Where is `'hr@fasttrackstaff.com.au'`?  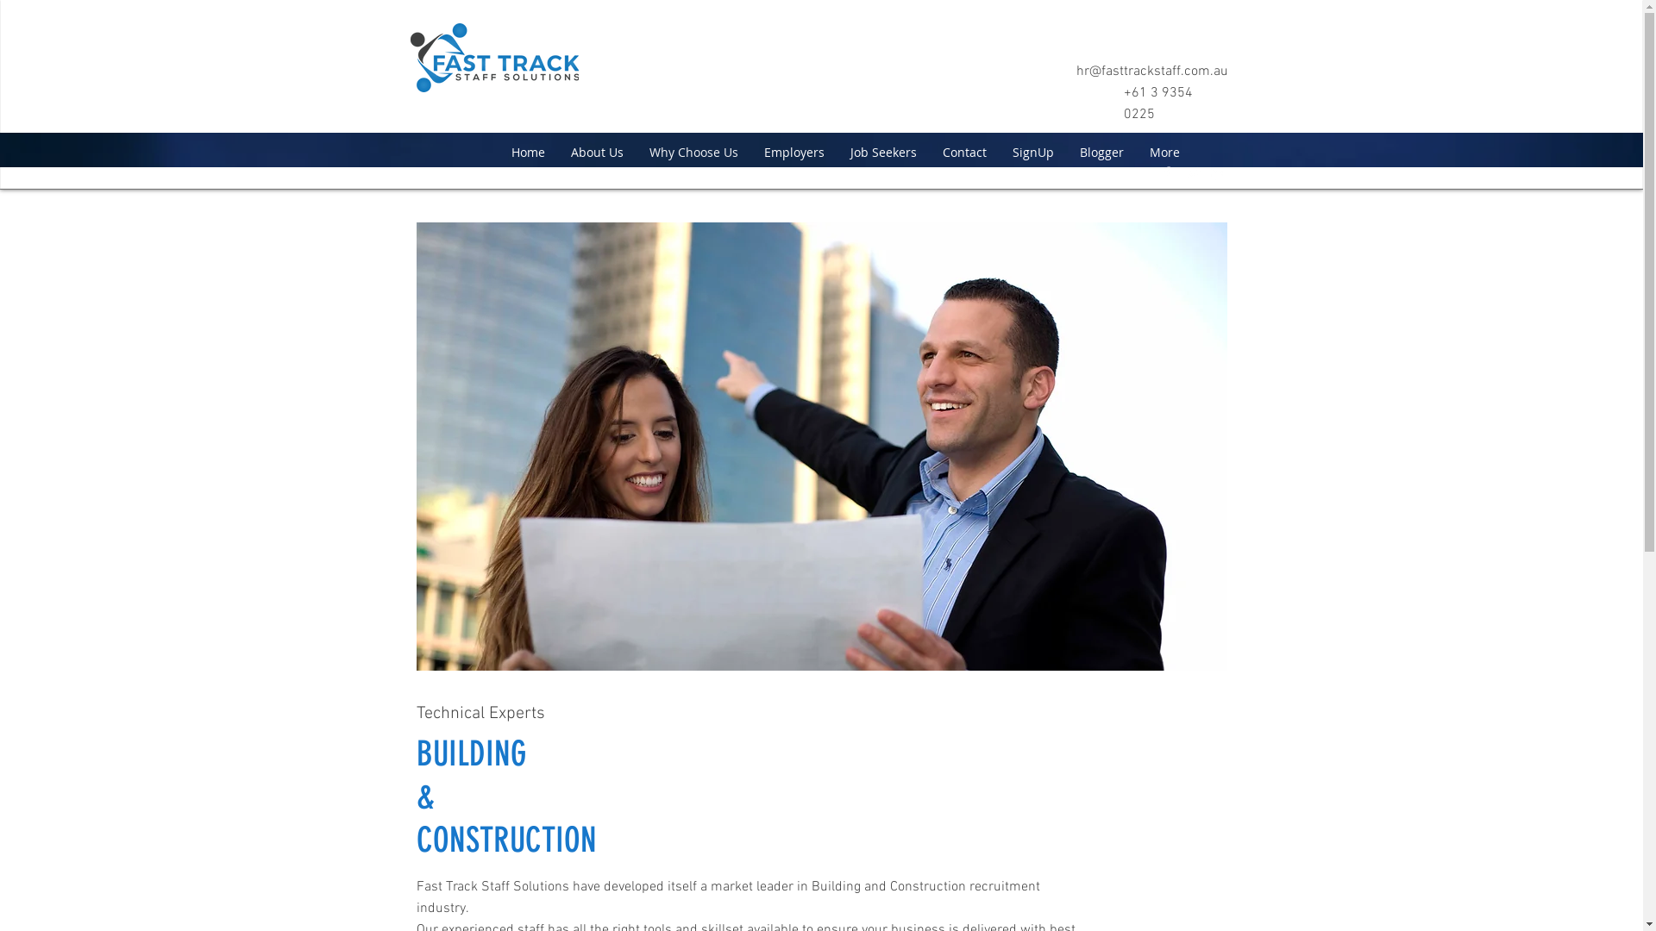 'hr@fasttrackstaff.com.au' is located at coordinates (1151, 71).